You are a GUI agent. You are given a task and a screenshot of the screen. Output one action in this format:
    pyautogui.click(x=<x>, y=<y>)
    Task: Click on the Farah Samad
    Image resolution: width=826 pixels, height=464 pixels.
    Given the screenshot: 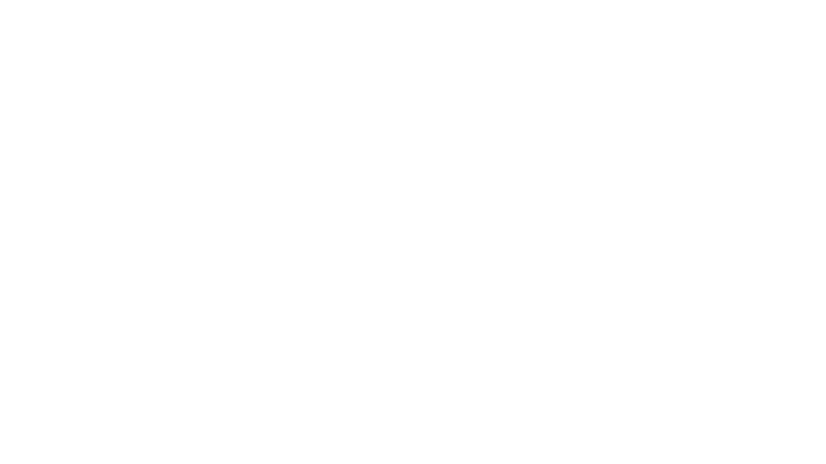 What is the action you would take?
    pyautogui.click(x=361, y=112)
    